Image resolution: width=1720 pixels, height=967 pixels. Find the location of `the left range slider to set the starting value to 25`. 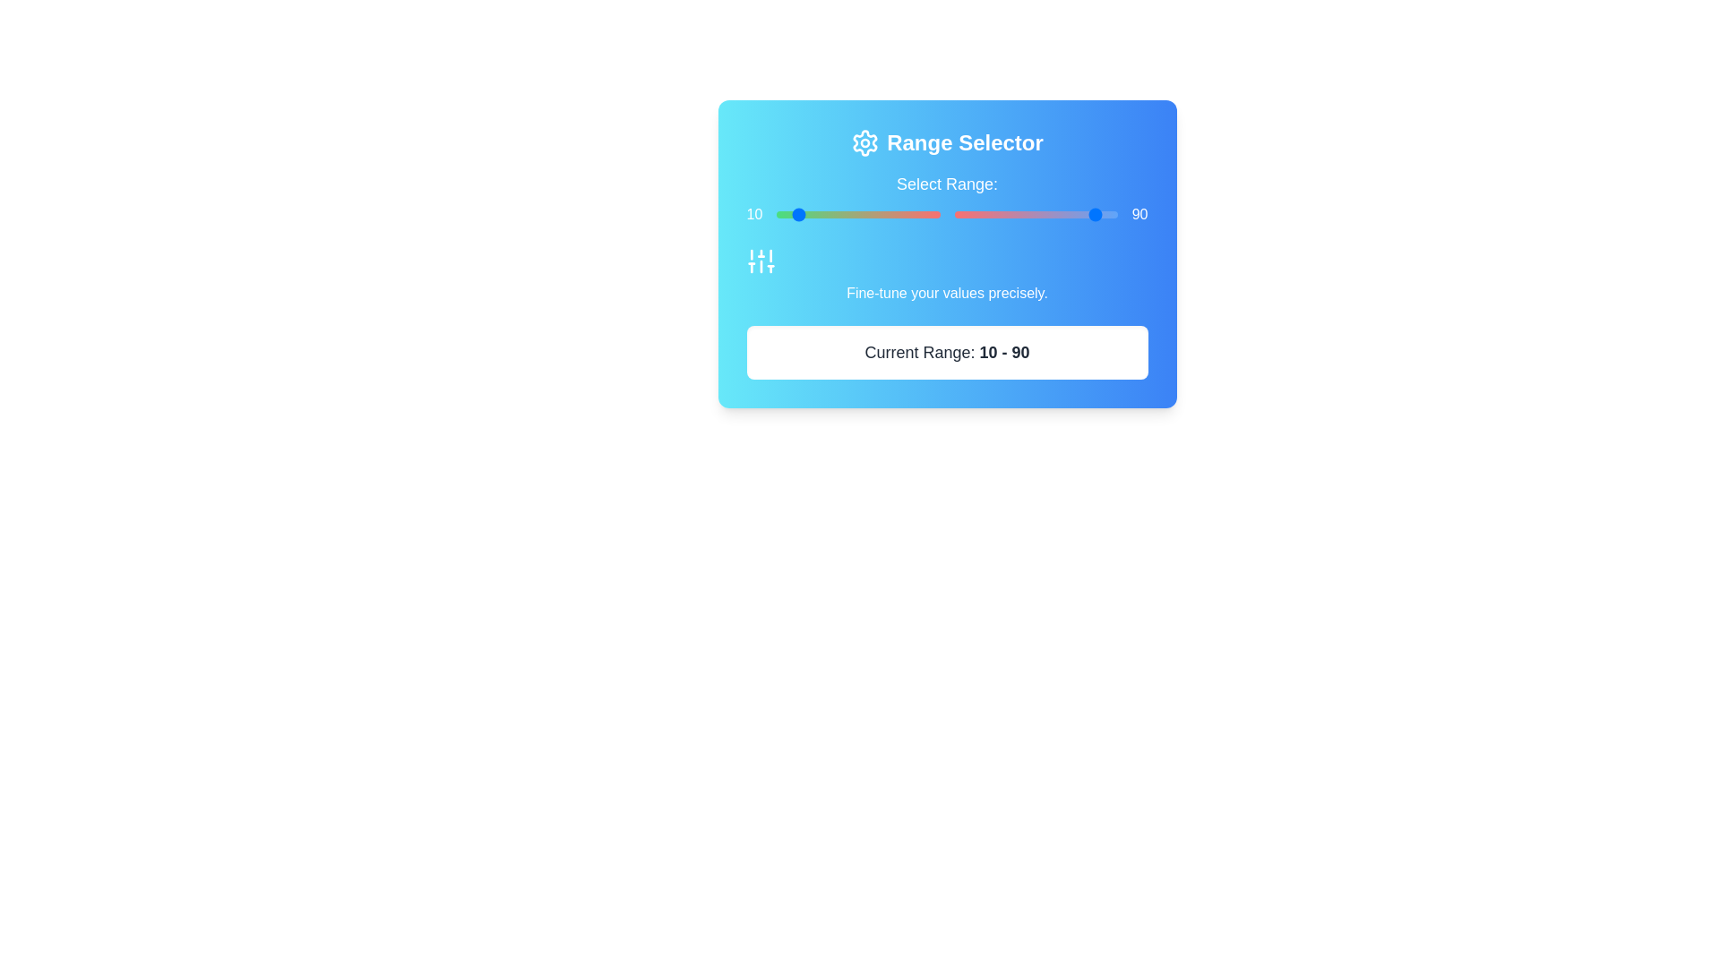

the left range slider to set the starting value to 25 is located at coordinates (816, 213).